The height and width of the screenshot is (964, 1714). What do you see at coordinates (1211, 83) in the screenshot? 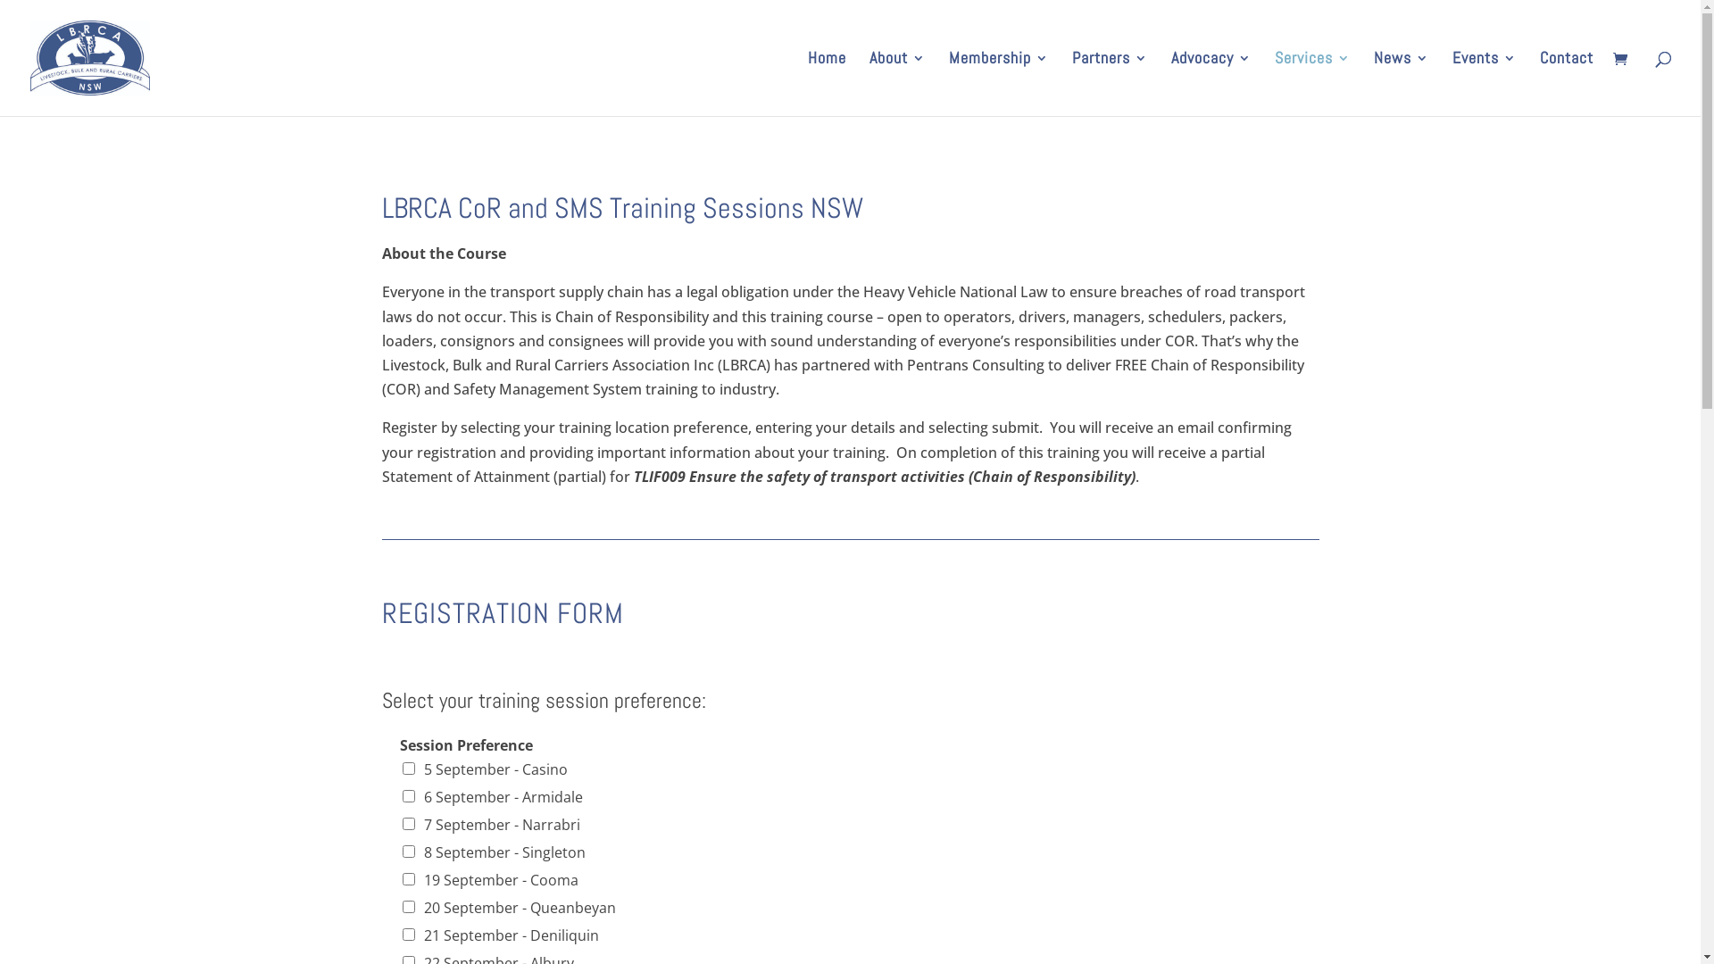
I see `'Advocacy'` at bounding box center [1211, 83].